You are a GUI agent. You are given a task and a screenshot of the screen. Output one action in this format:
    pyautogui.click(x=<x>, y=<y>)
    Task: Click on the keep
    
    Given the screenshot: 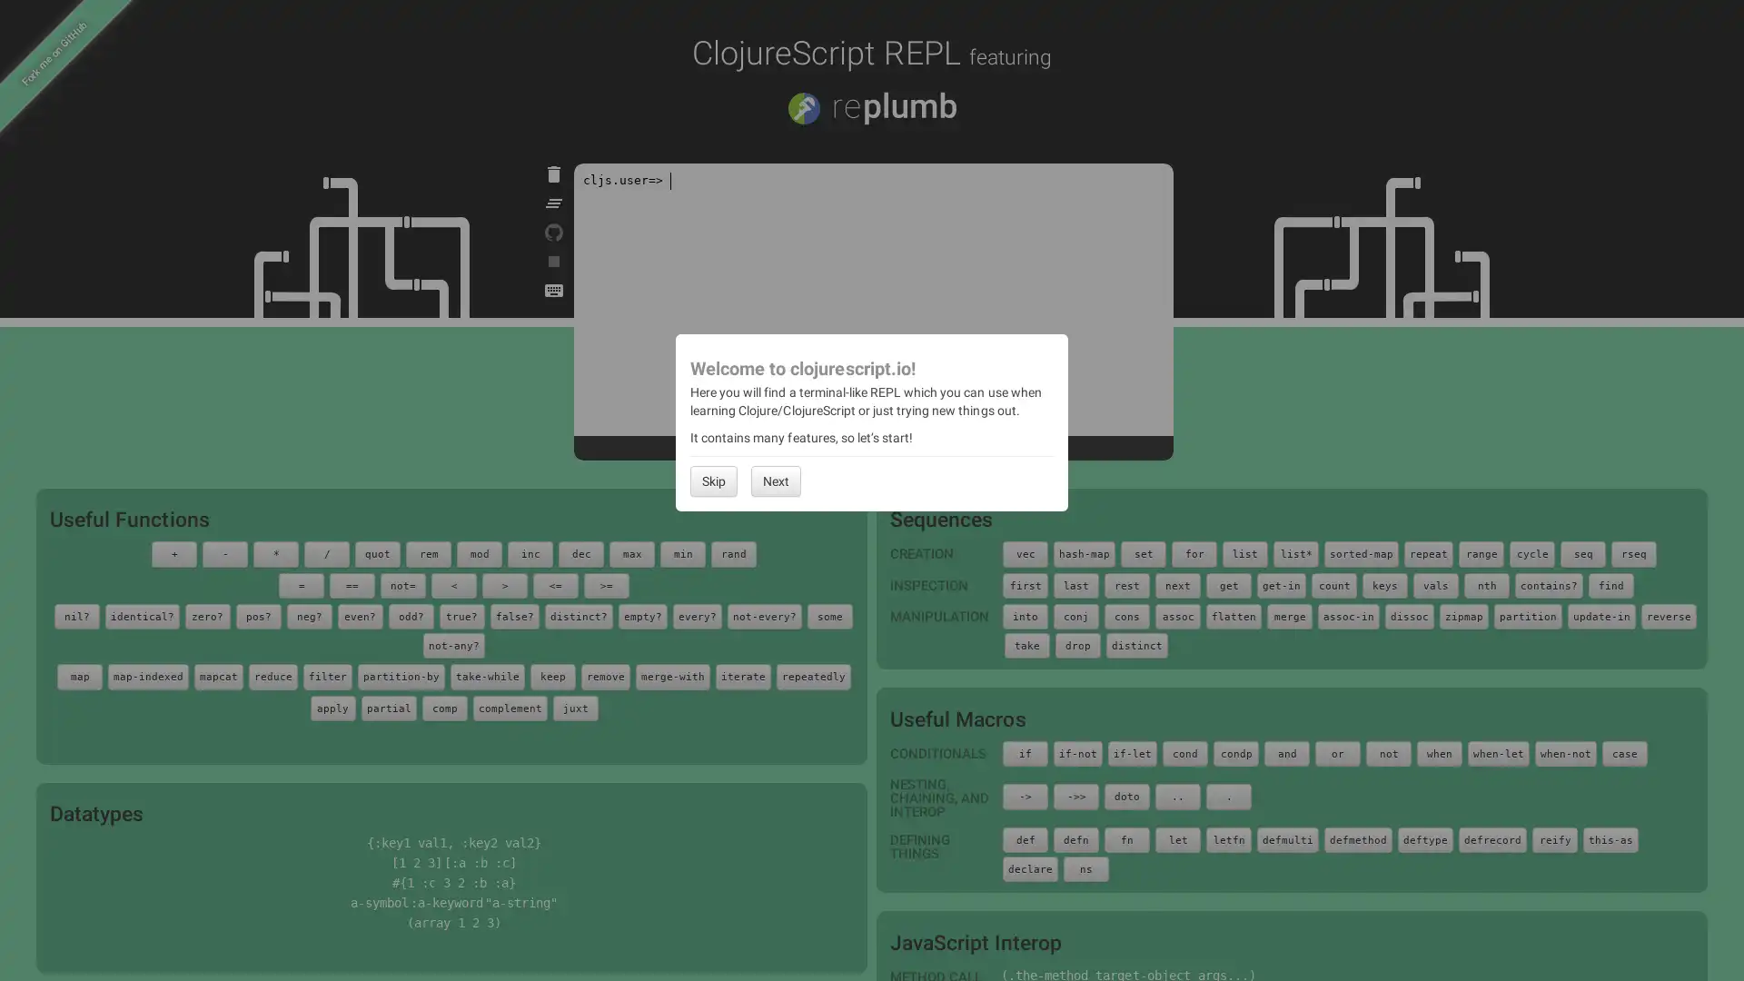 What is the action you would take?
    pyautogui.click(x=552, y=676)
    